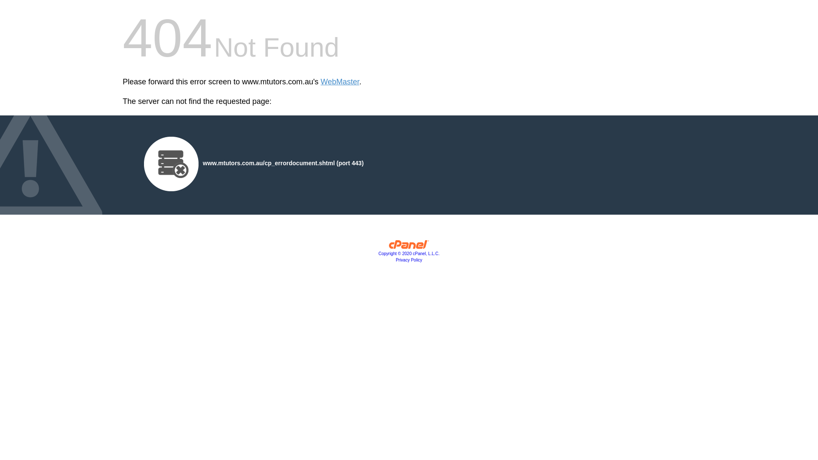 This screenshot has width=818, height=460. I want to click on 'Privacy Policy', so click(409, 259).